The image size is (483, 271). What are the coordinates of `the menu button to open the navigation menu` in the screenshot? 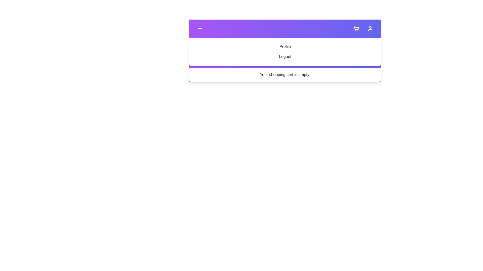 It's located at (200, 29).